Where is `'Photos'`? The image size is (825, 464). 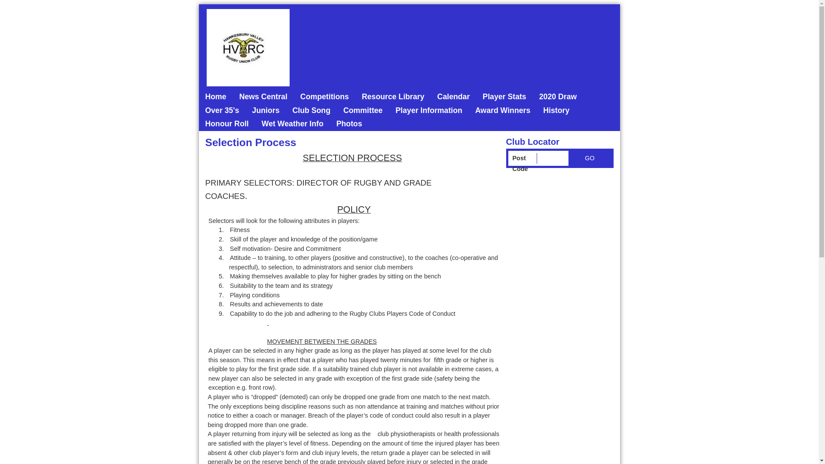 'Photos' is located at coordinates (349, 124).